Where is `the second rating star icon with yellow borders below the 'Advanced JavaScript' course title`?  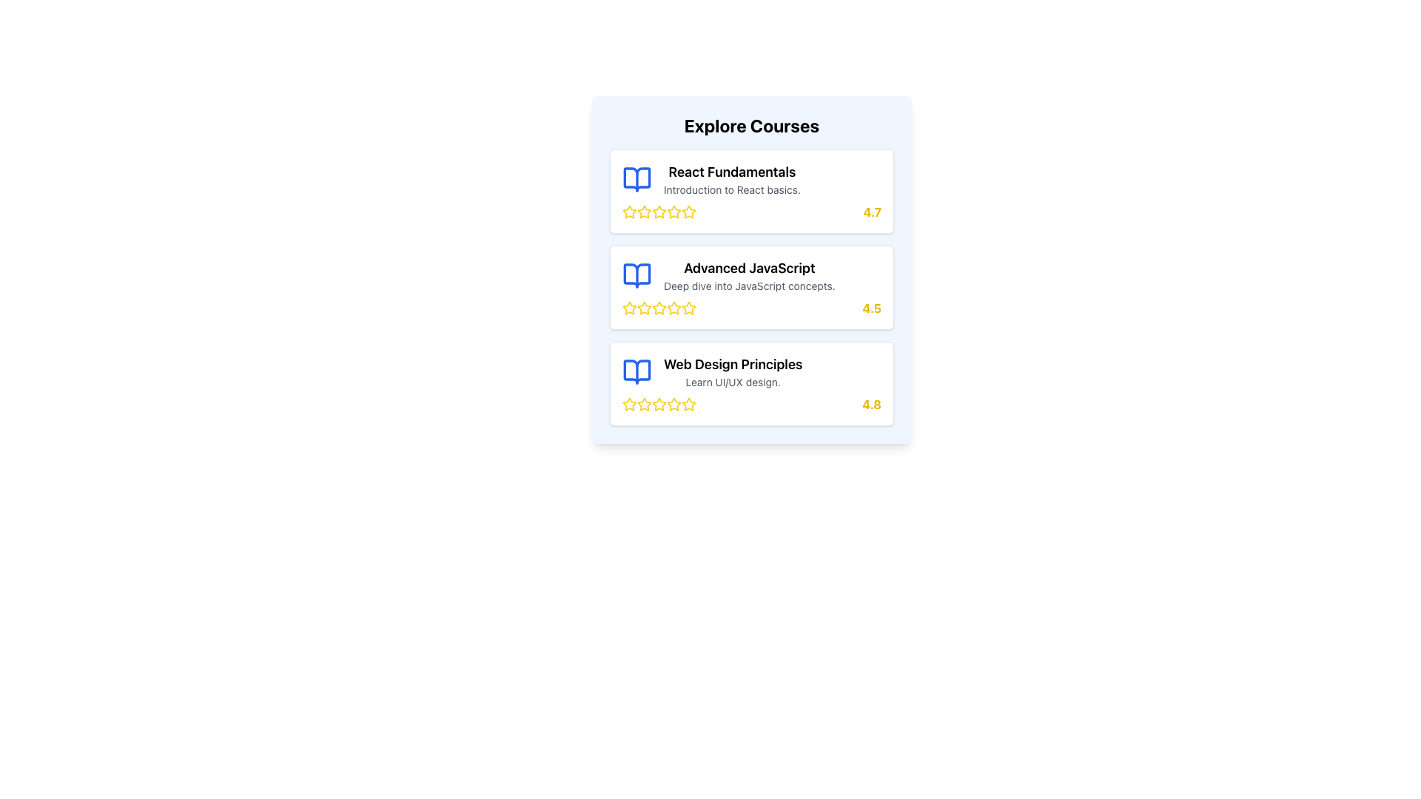
the second rating star icon with yellow borders below the 'Advanced JavaScript' course title is located at coordinates (659, 307).